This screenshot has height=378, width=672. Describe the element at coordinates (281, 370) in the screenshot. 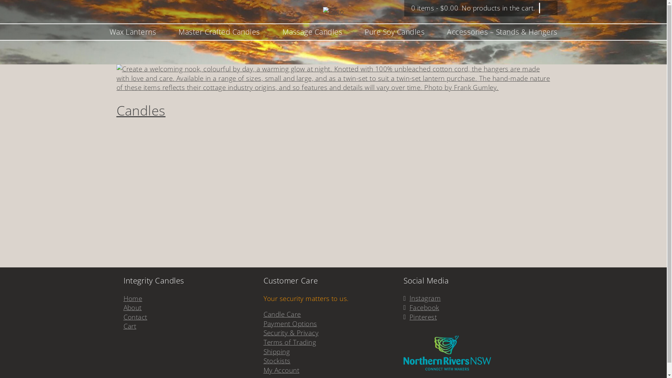

I see `'My Account'` at that location.